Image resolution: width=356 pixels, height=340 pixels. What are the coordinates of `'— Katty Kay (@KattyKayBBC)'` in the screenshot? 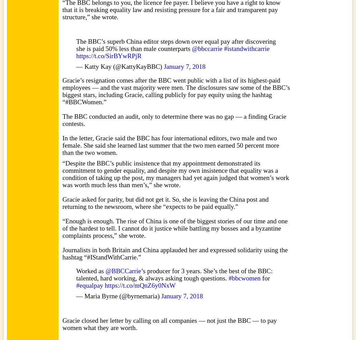 It's located at (76, 66).